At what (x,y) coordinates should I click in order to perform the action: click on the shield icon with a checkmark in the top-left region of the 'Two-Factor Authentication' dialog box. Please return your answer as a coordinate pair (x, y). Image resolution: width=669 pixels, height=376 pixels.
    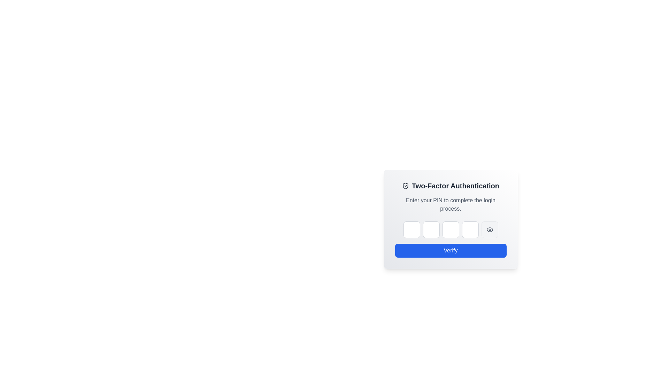
    Looking at the image, I should click on (405, 185).